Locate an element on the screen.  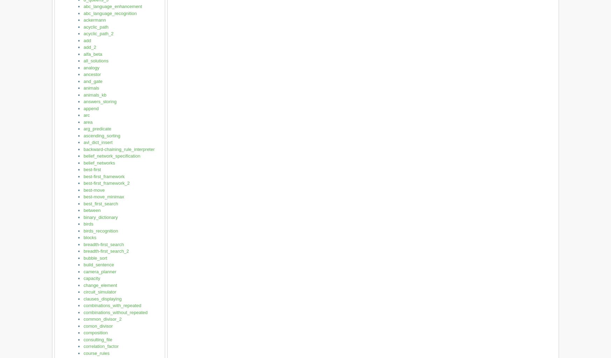
'all_solutions' is located at coordinates (95, 60).